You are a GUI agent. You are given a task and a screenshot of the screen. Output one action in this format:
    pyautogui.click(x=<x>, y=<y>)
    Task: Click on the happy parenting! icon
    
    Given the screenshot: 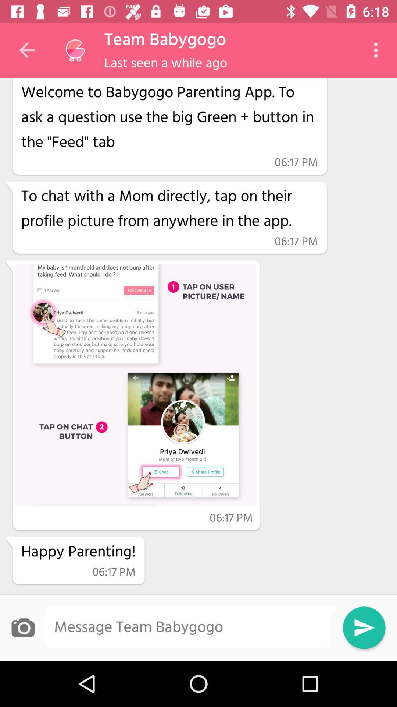 What is the action you would take?
    pyautogui.click(x=78, y=552)
    